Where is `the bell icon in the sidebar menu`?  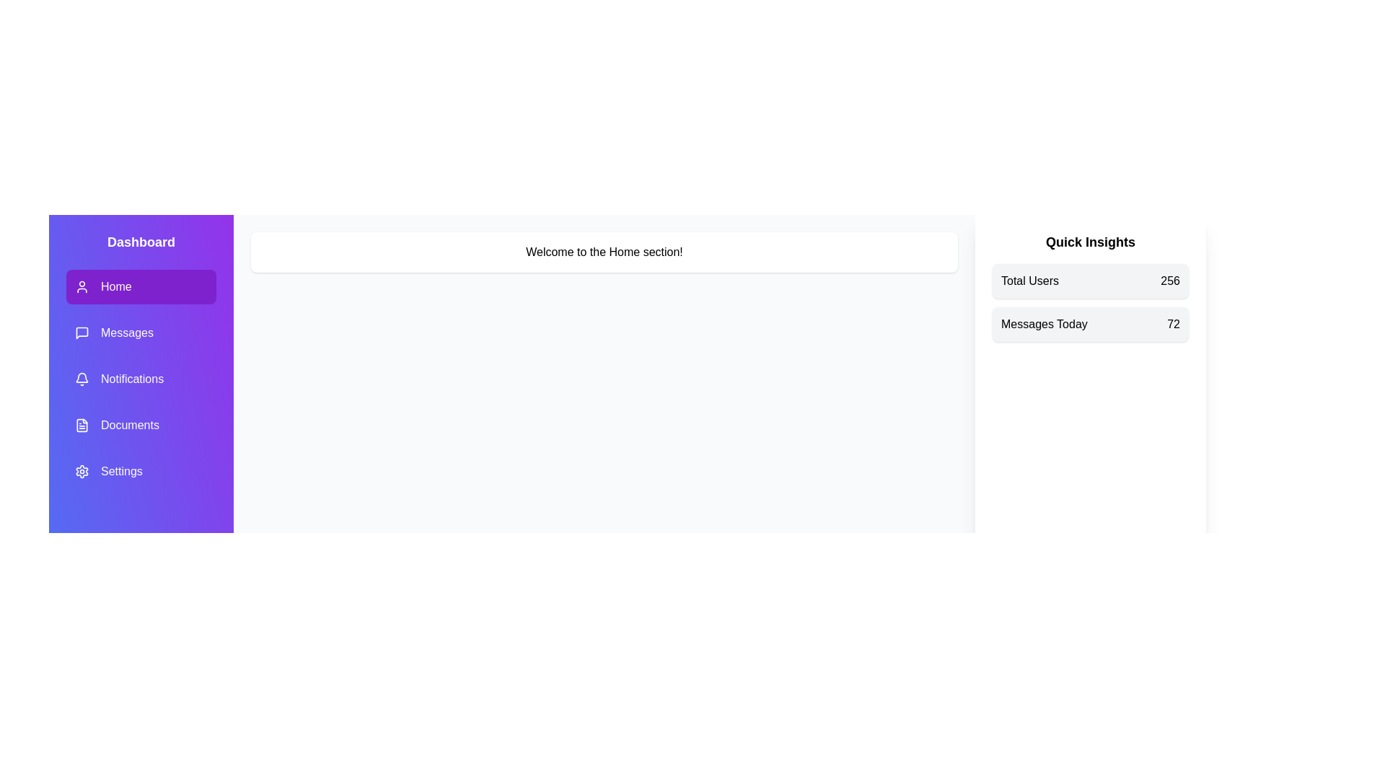
the bell icon in the sidebar menu is located at coordinates (82, 377).